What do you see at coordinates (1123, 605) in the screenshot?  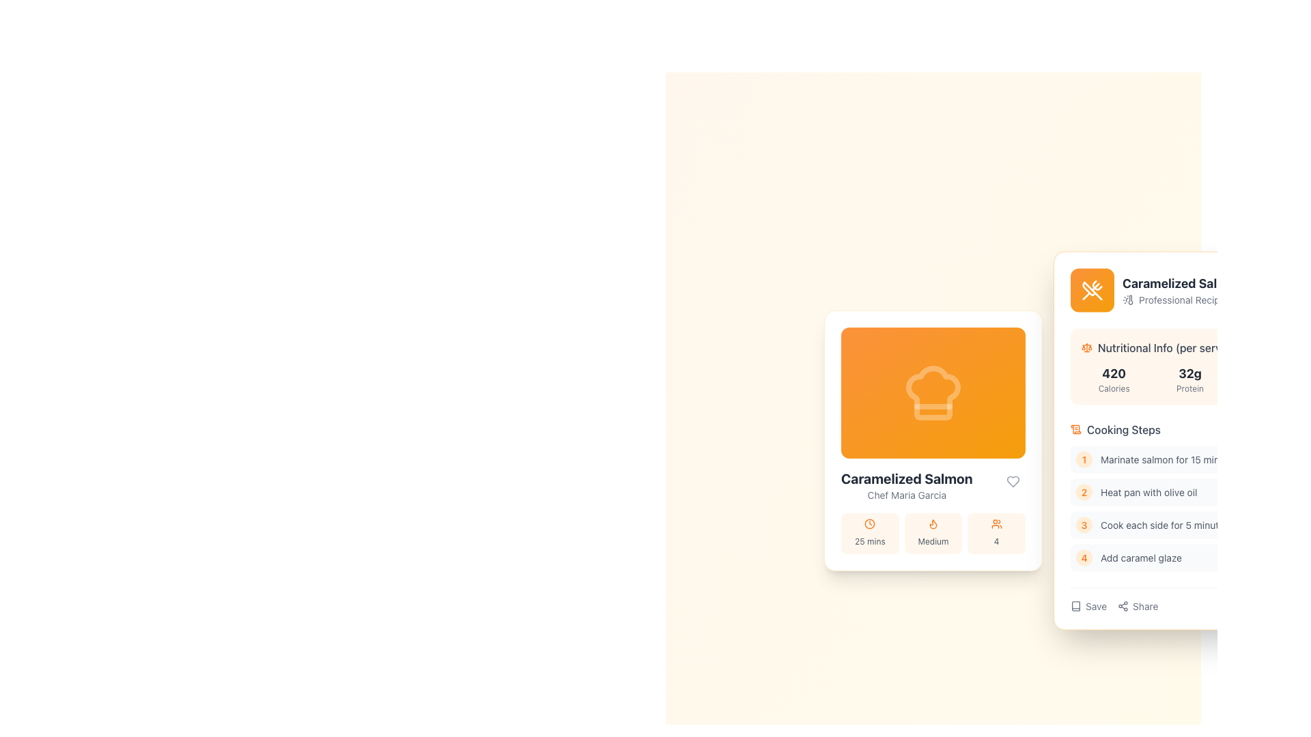 I see `the 'Share' button located to the right of the 'Save' text element at the bottom of the details pane` at bounding box center [1123, 605].